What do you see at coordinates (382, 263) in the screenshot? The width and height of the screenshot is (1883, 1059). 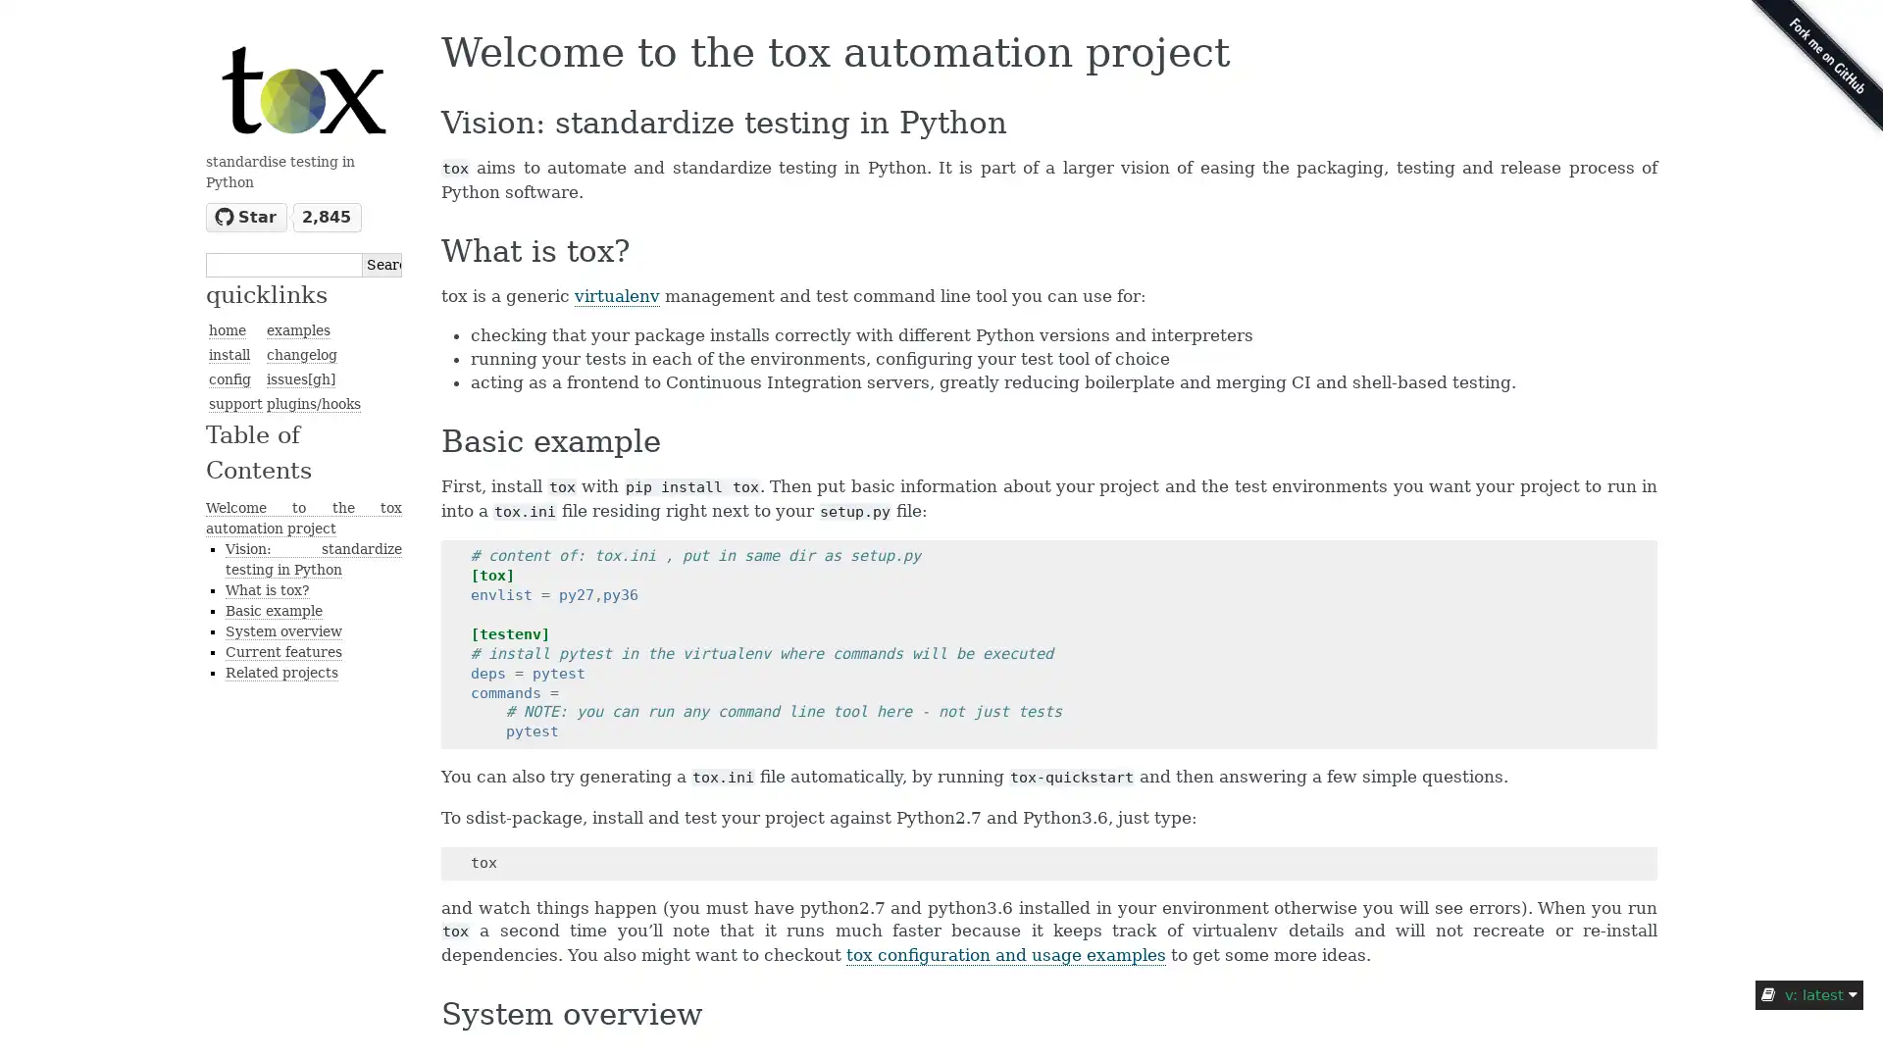 I see `Search` at bounding box center [382, 263].